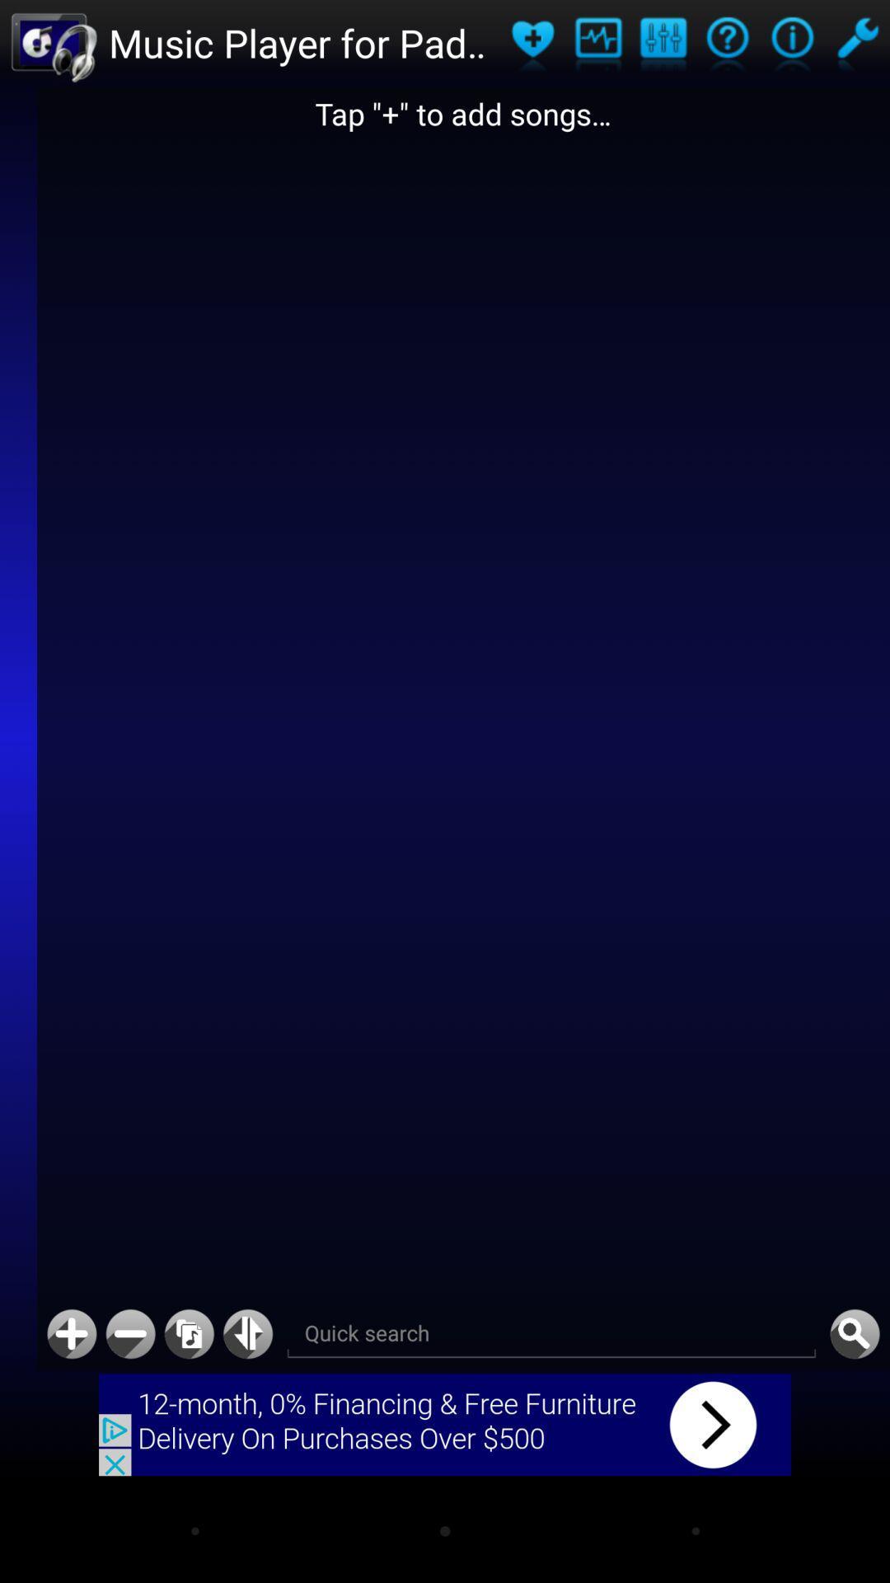  What do you see at coordinates (71, 1334) in the screenshot?
I see `song` at bounding box center [71, 1334].